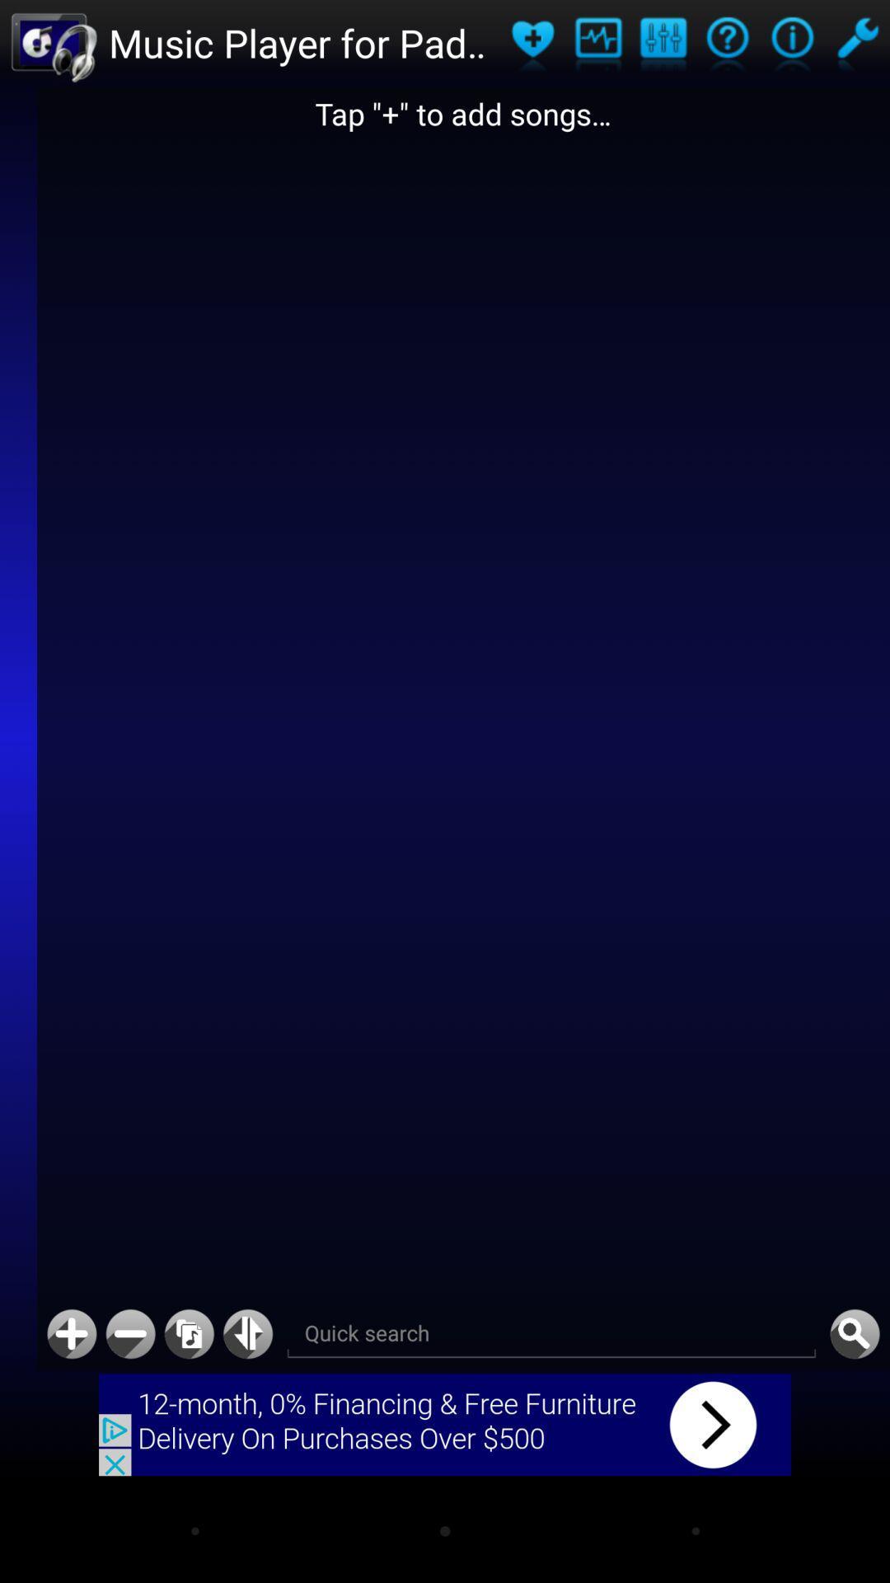  What do you see at coordinates (71, 1334) in the screenshot?
I see `song` at bounding box center [71, 1334].